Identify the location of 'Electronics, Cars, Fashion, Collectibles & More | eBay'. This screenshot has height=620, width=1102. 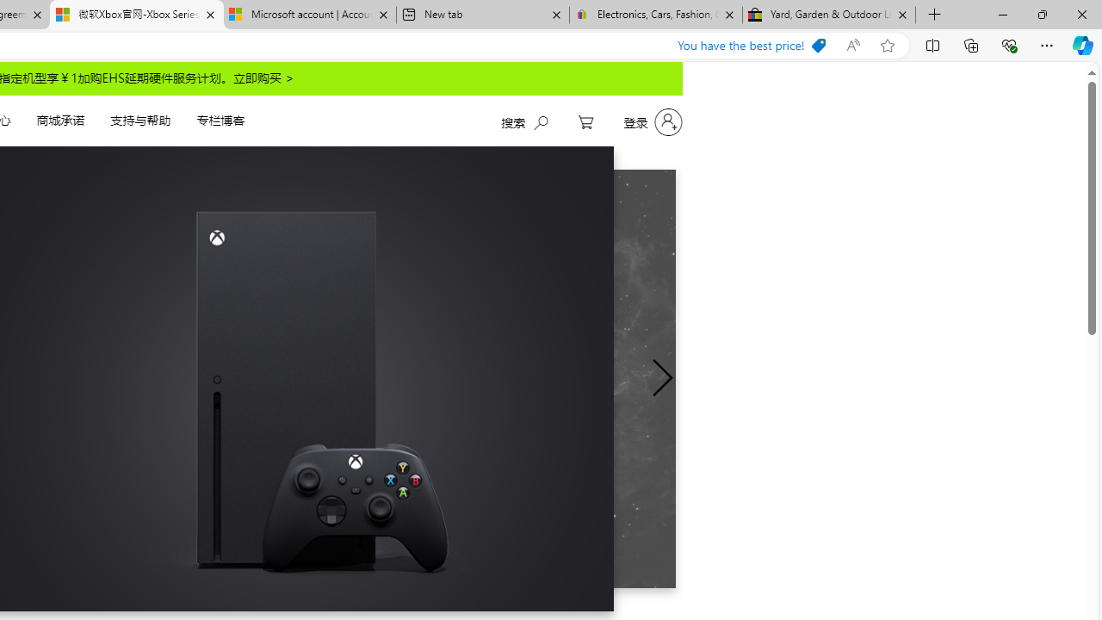
(654, 15).